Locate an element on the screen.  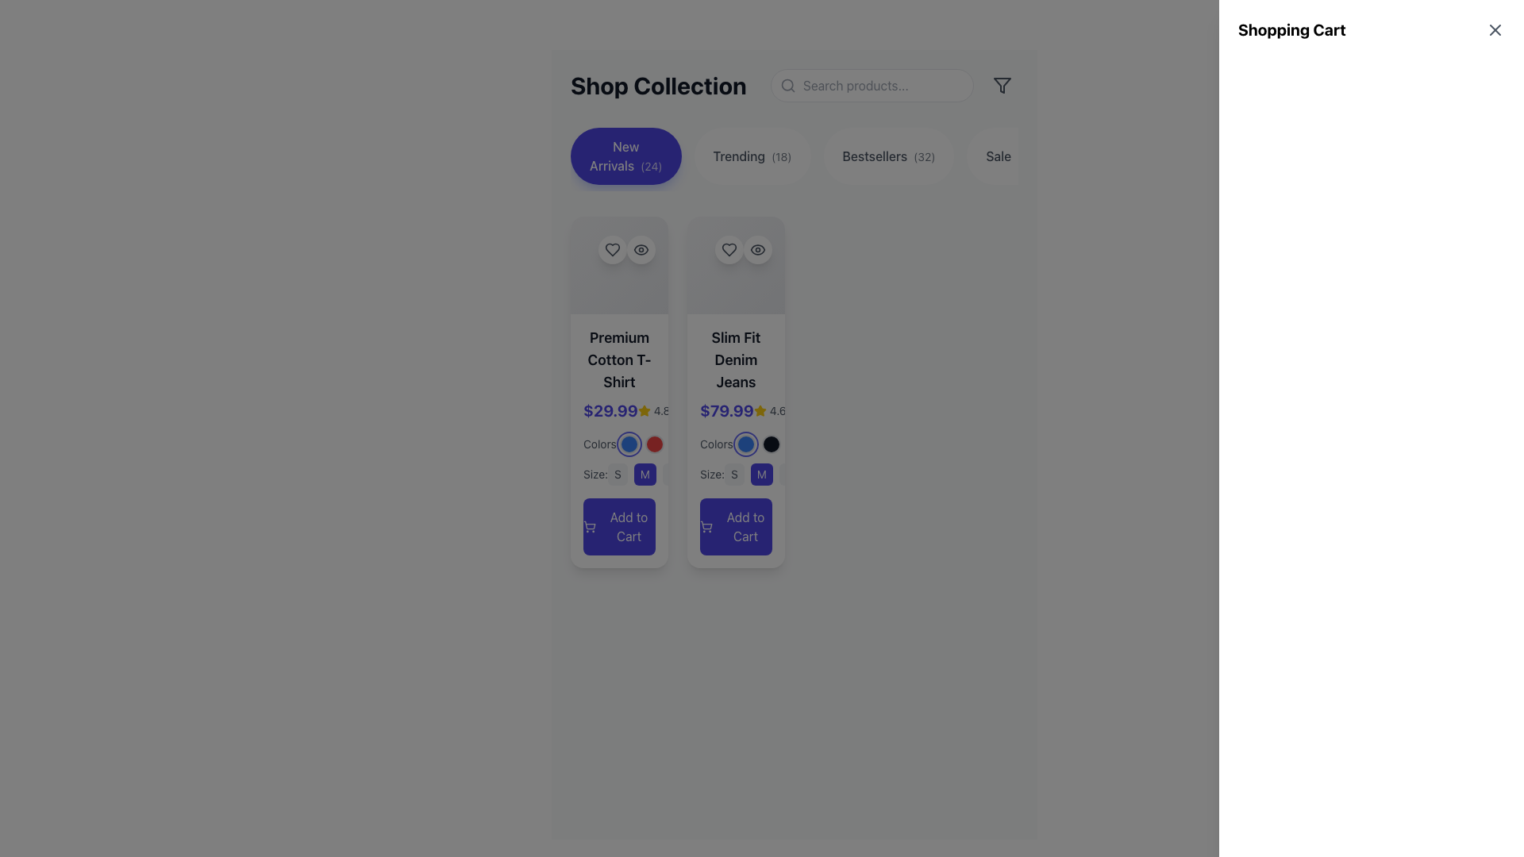
the price label of the product displayed in the card, located below the product title 'Premium Cotton T-Shirt' is located at coordinates (610, 409).